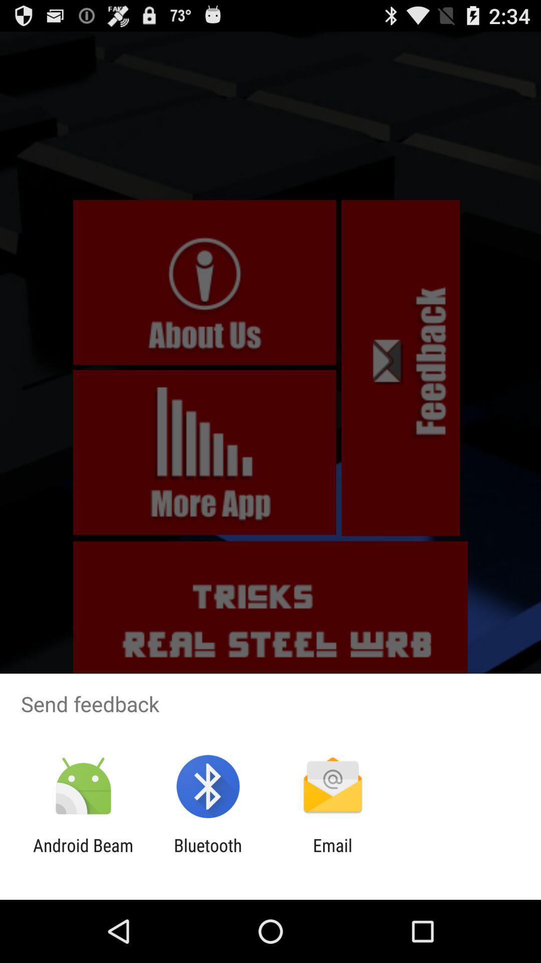 The width and height of the screenshot is (541, 963). Describe the element at coordinates (333, 855) in the screenshot. I see `the email item` at that location.